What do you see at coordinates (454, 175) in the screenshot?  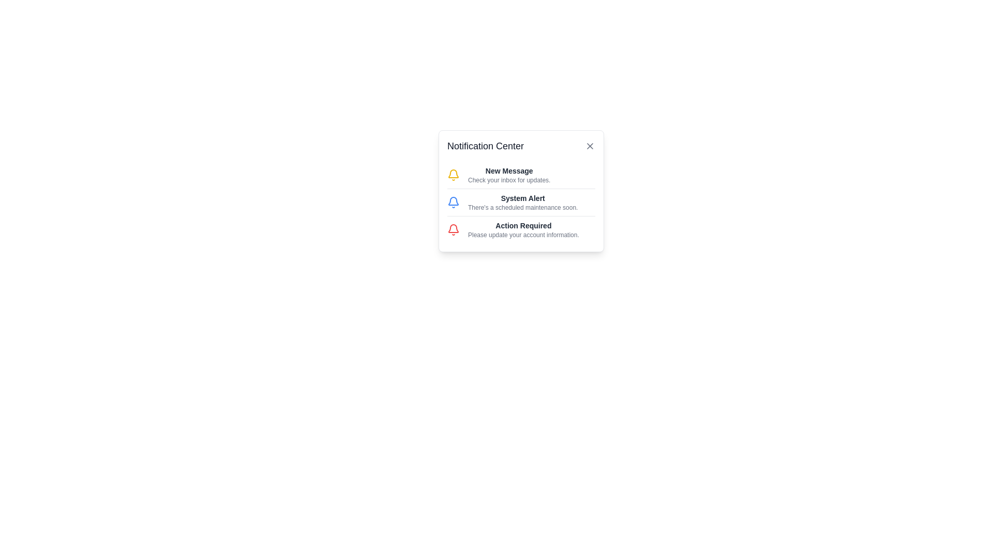 I see `the yellow bell icon with a circular design located to the left of the 'New Message' notification in the Notification Center menu` at bounding box center [454, 175].